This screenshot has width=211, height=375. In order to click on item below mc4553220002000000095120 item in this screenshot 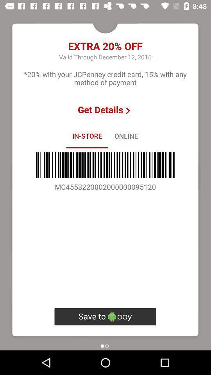, I will do `click(105, 316)`.